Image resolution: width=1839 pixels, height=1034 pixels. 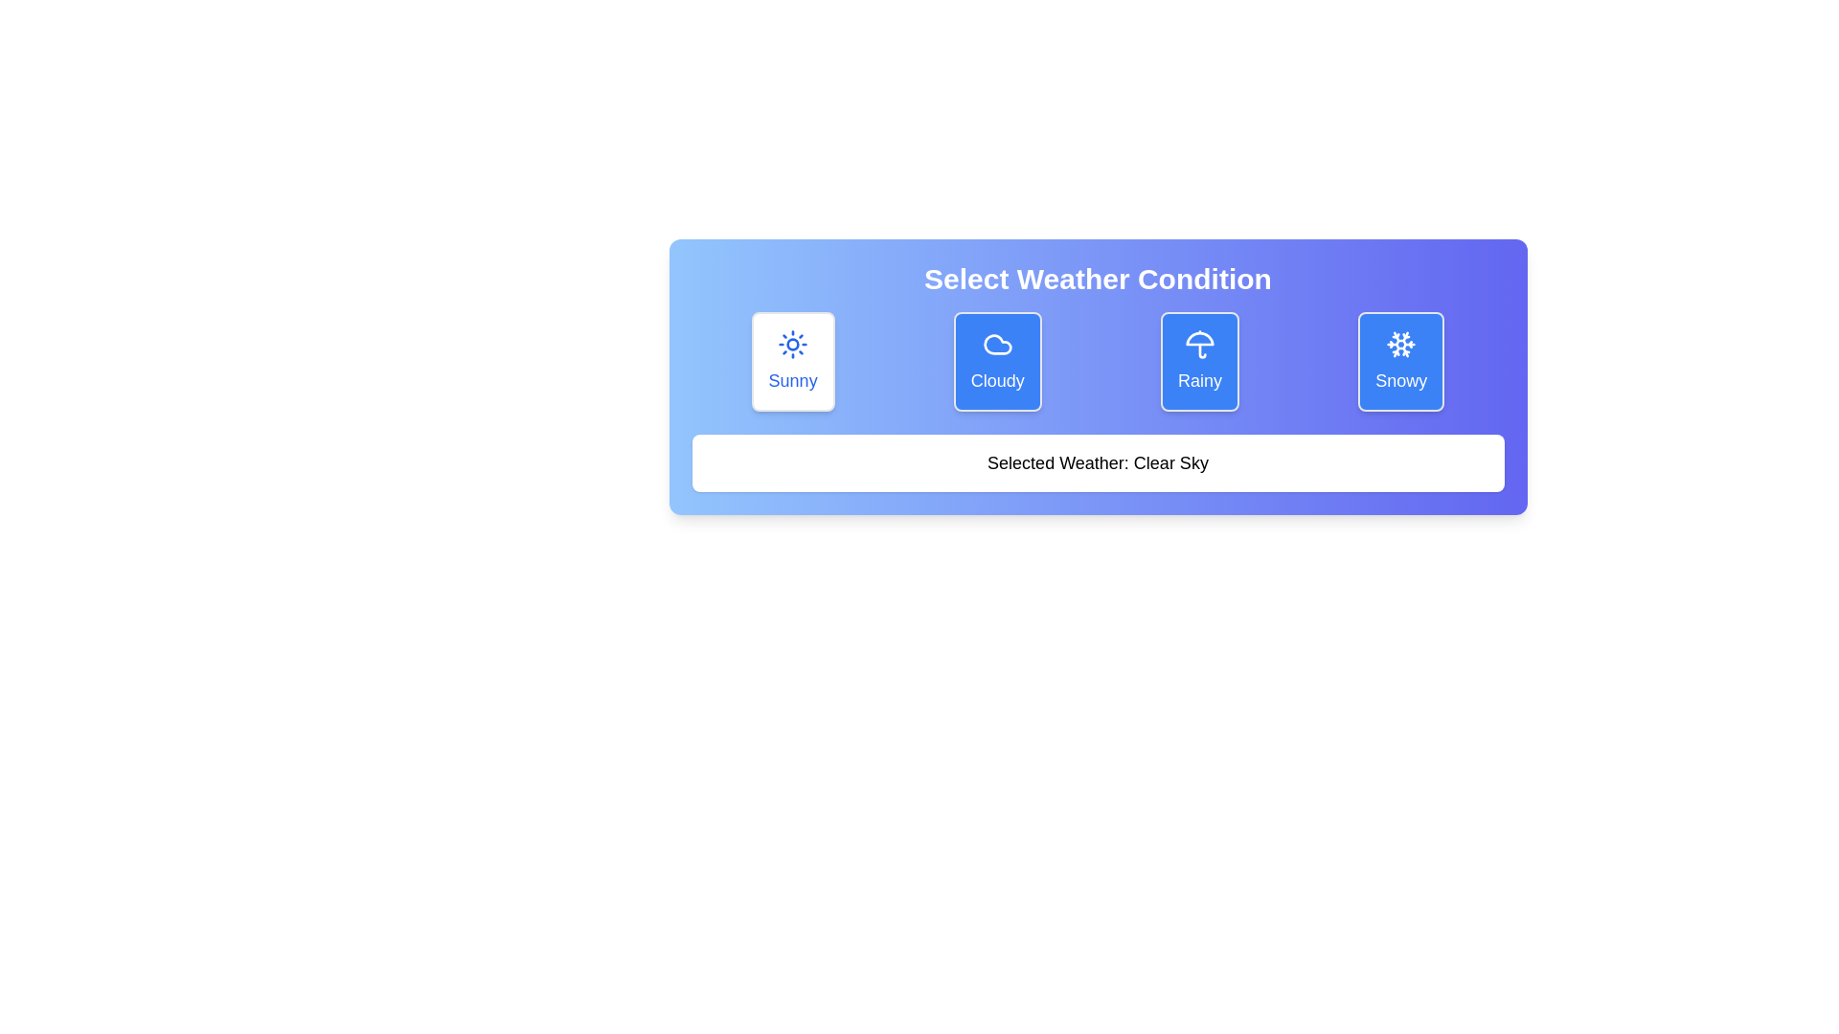 I want to click on umbrella icon located in the 'Rainy' selection box, which is the third option in the weather selection interface, so click(x=1199, y=343).